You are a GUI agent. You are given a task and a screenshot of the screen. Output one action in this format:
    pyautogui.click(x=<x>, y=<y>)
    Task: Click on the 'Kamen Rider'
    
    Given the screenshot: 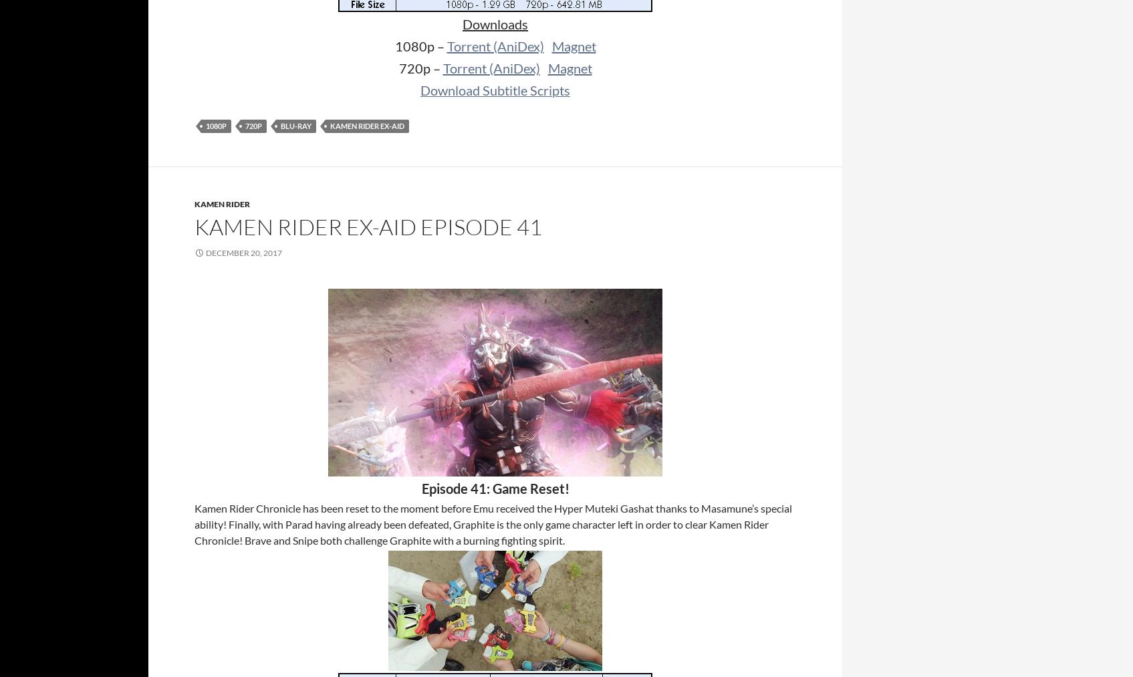 What is the action you would take?
    pyautogui.click(x=195, y=204)
    